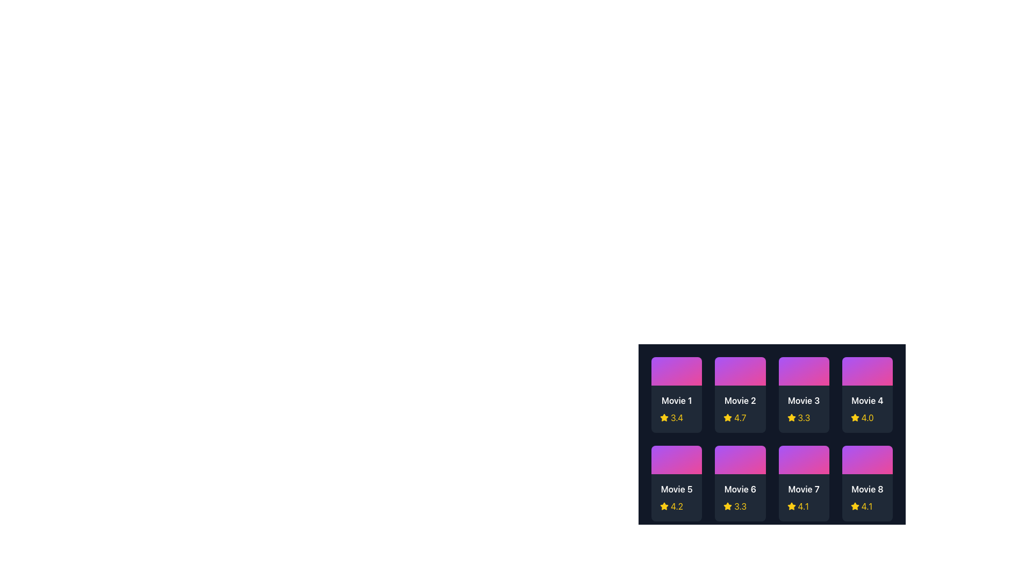 The width and height of the screenshot is (1032, 580). Describe the element at coordinates (664, 506) in the screenshot. I see `the Star Icon representing the rating score of '4.2' for 'Movie 5' in the second row, first column of the grid` at that location.